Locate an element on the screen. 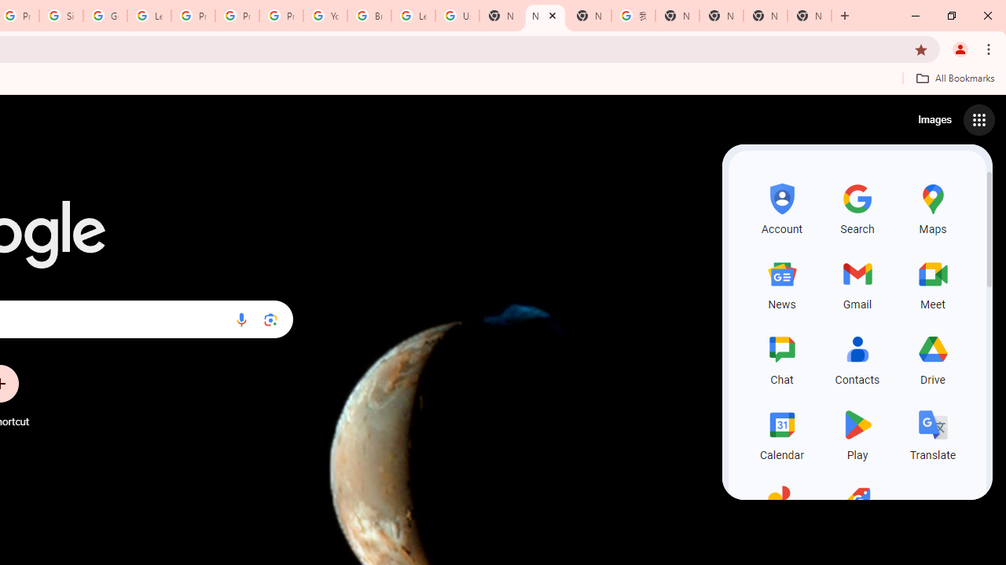 Image resolution: width=1006 pixels, height=565 pixels. 'New Tab' is located at coordinates (810, 16).